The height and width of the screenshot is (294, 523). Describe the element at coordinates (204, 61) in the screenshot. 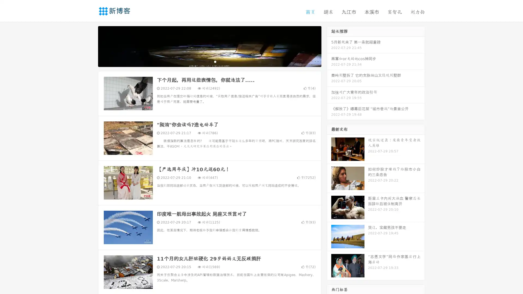

I see `Go to slide 1` at that location.